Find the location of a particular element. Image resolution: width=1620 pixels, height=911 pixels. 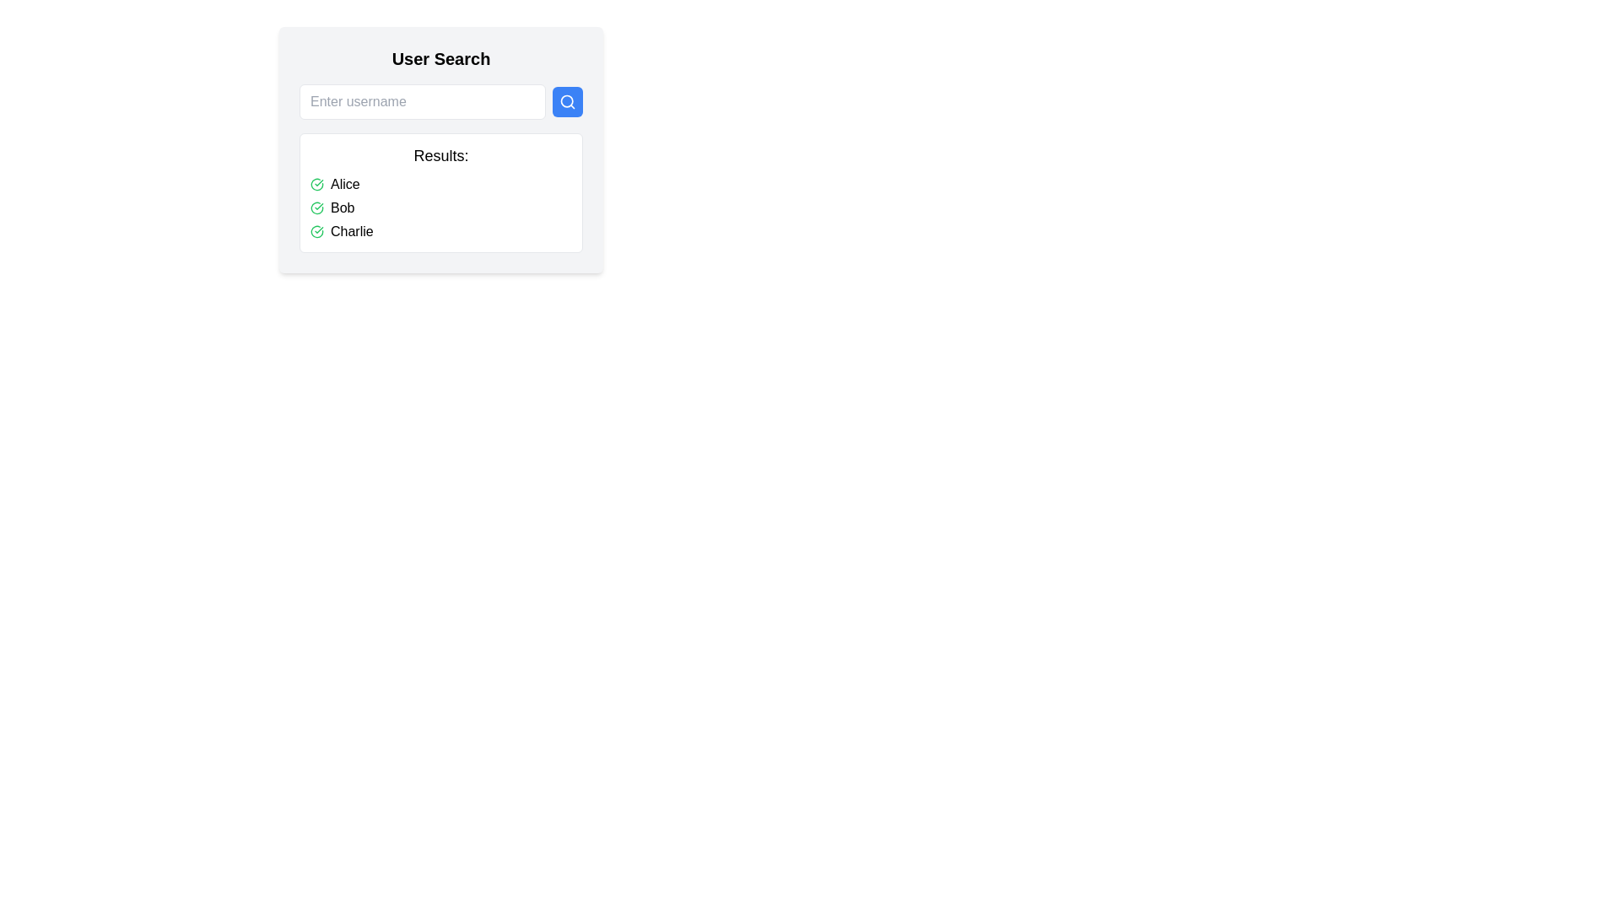

the username text label 'Alice' which is the top item in the search results and has a green checkmark indicating its selected status is located at coordinates (344, 185).